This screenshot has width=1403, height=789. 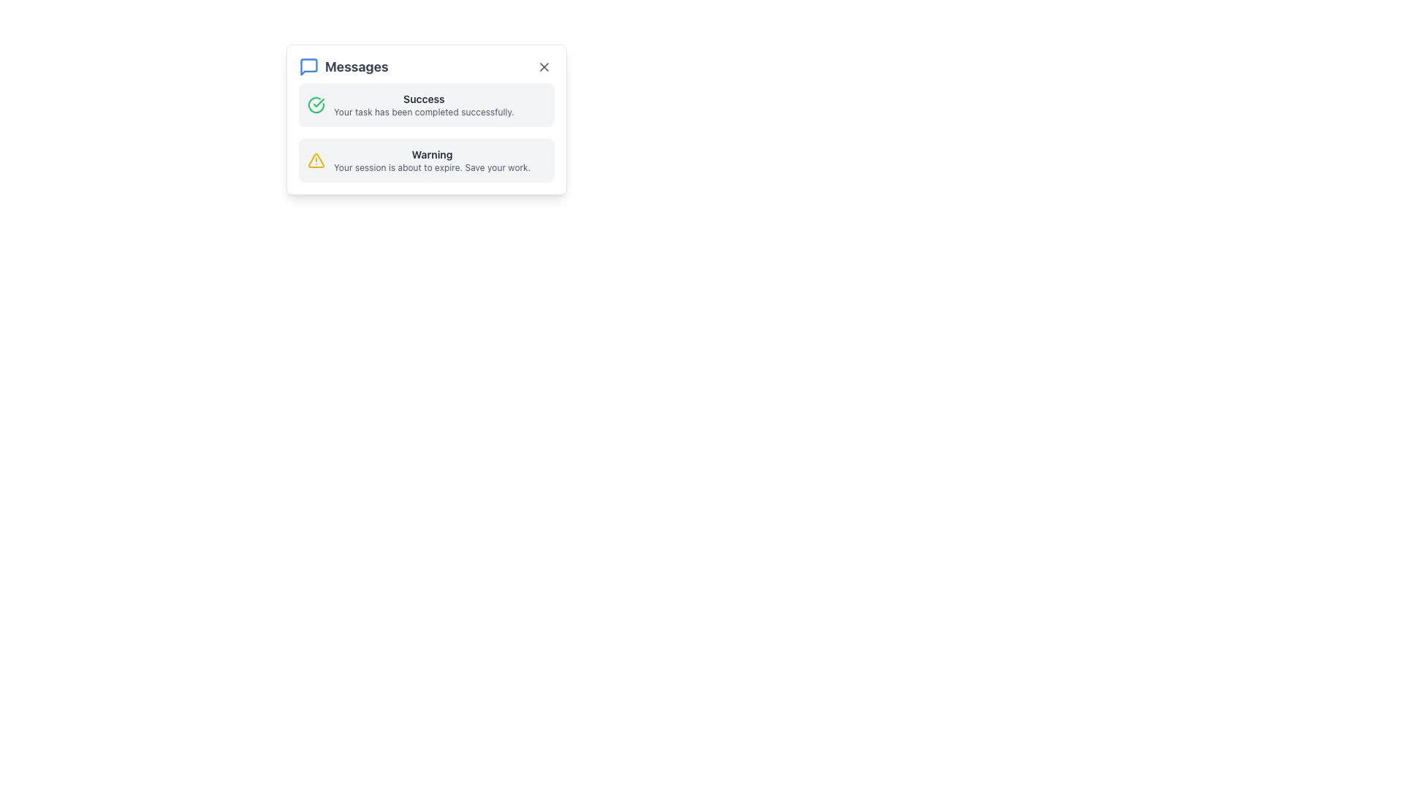 What do you see at coordinates (426, 104) in the screenshot?
I see `the first notification box in the list located below the 'Messages' section header to indicate success feedback to the user` at bounding box center [426, 104].